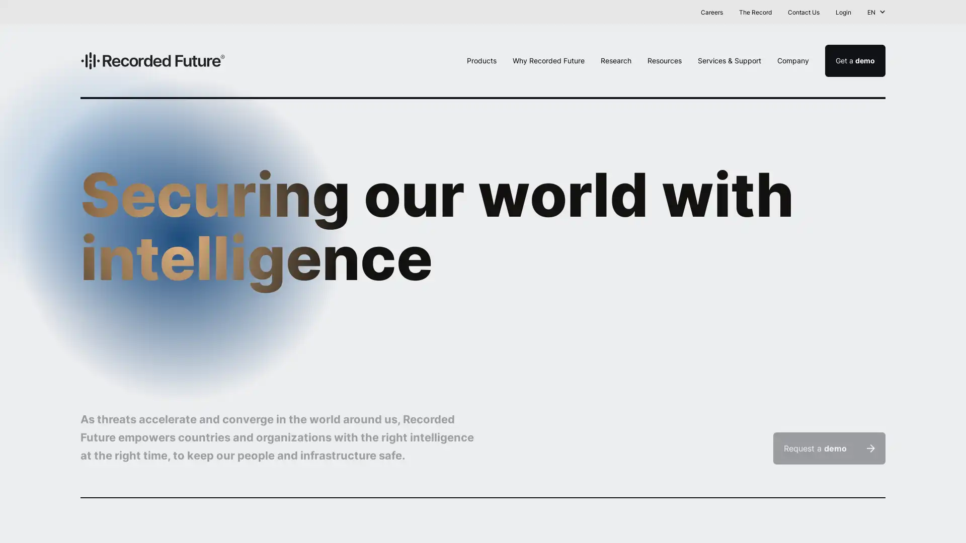  Describe the element at coordinates (876, 12) in the screenshot. I see `EN` at that location.